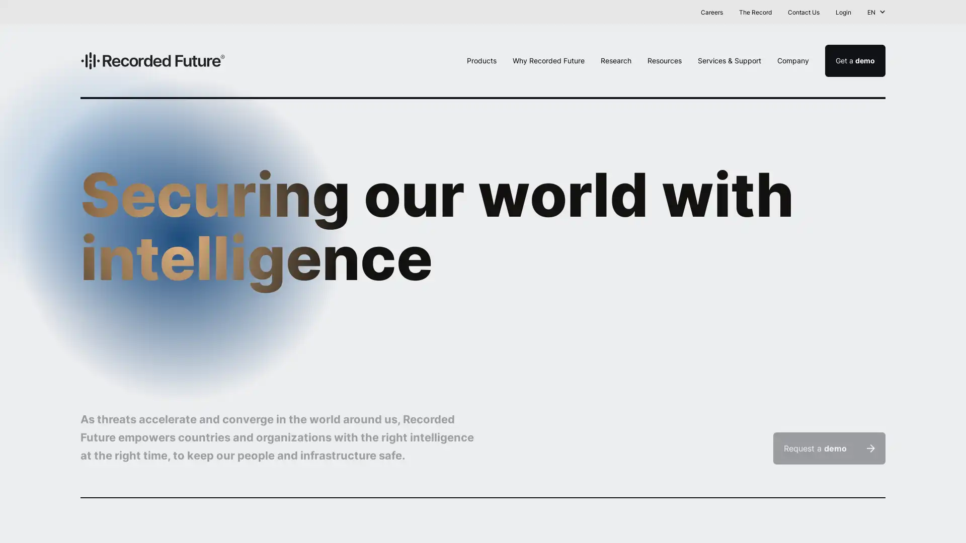  Describe the element at coordinates (876, 12) in the screenshot. I see `EN` at that location.